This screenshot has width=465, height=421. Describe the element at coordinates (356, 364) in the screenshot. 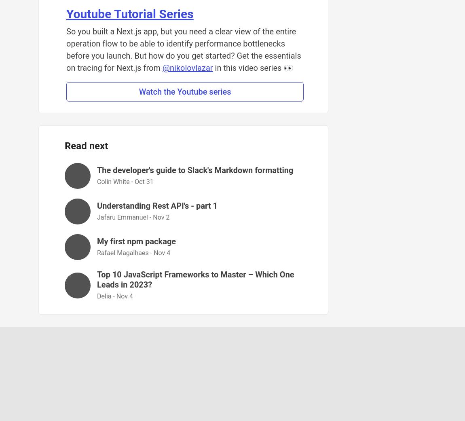

I see `'Software comparisons'` at that location.